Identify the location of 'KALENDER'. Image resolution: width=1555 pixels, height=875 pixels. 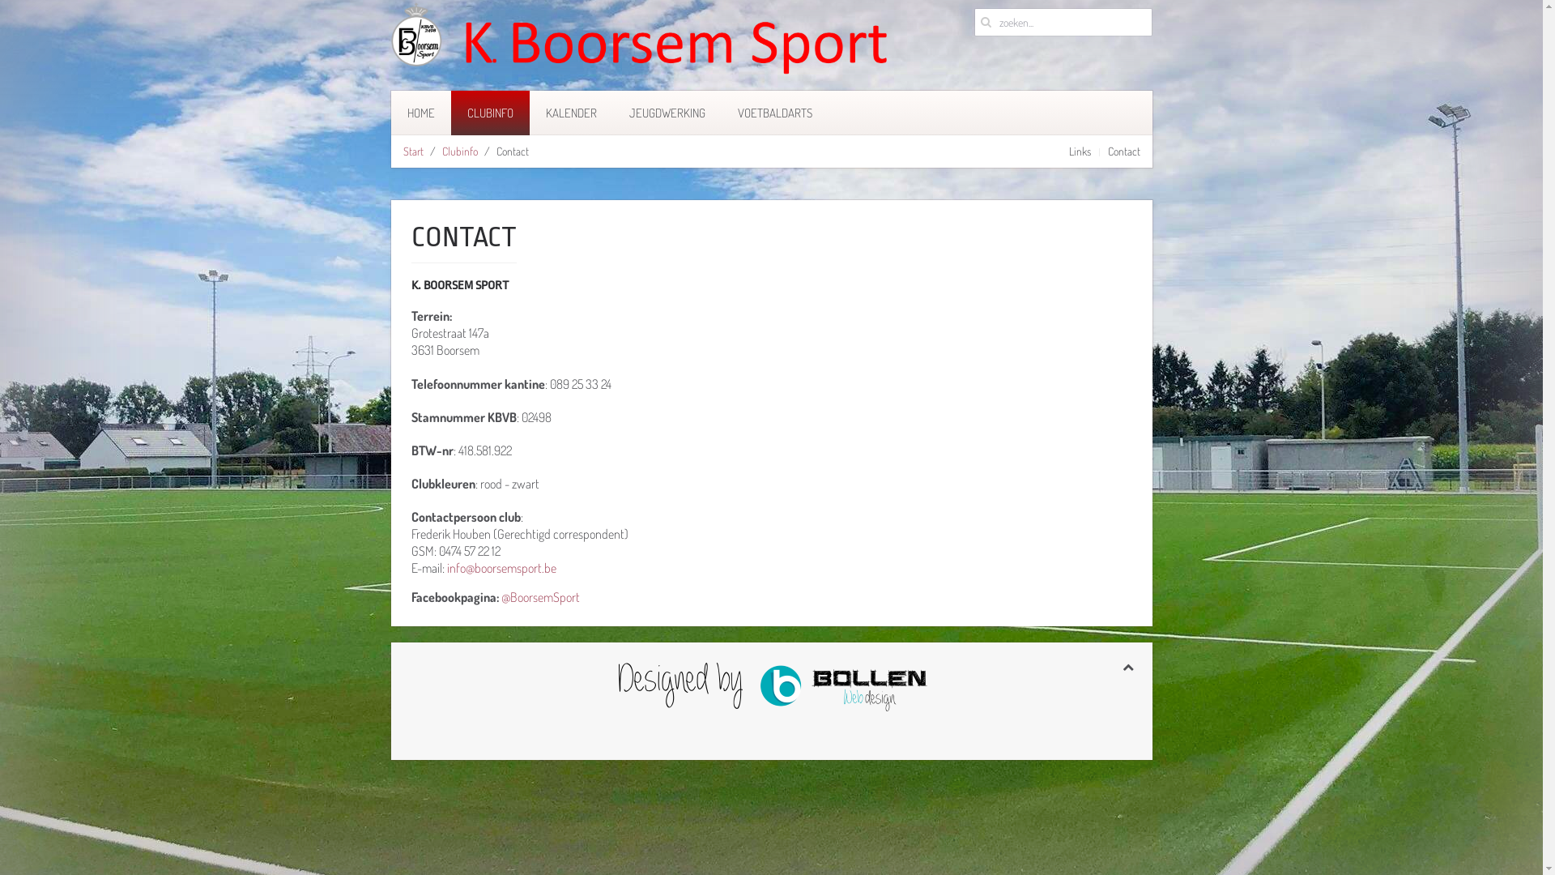
(571, 112).